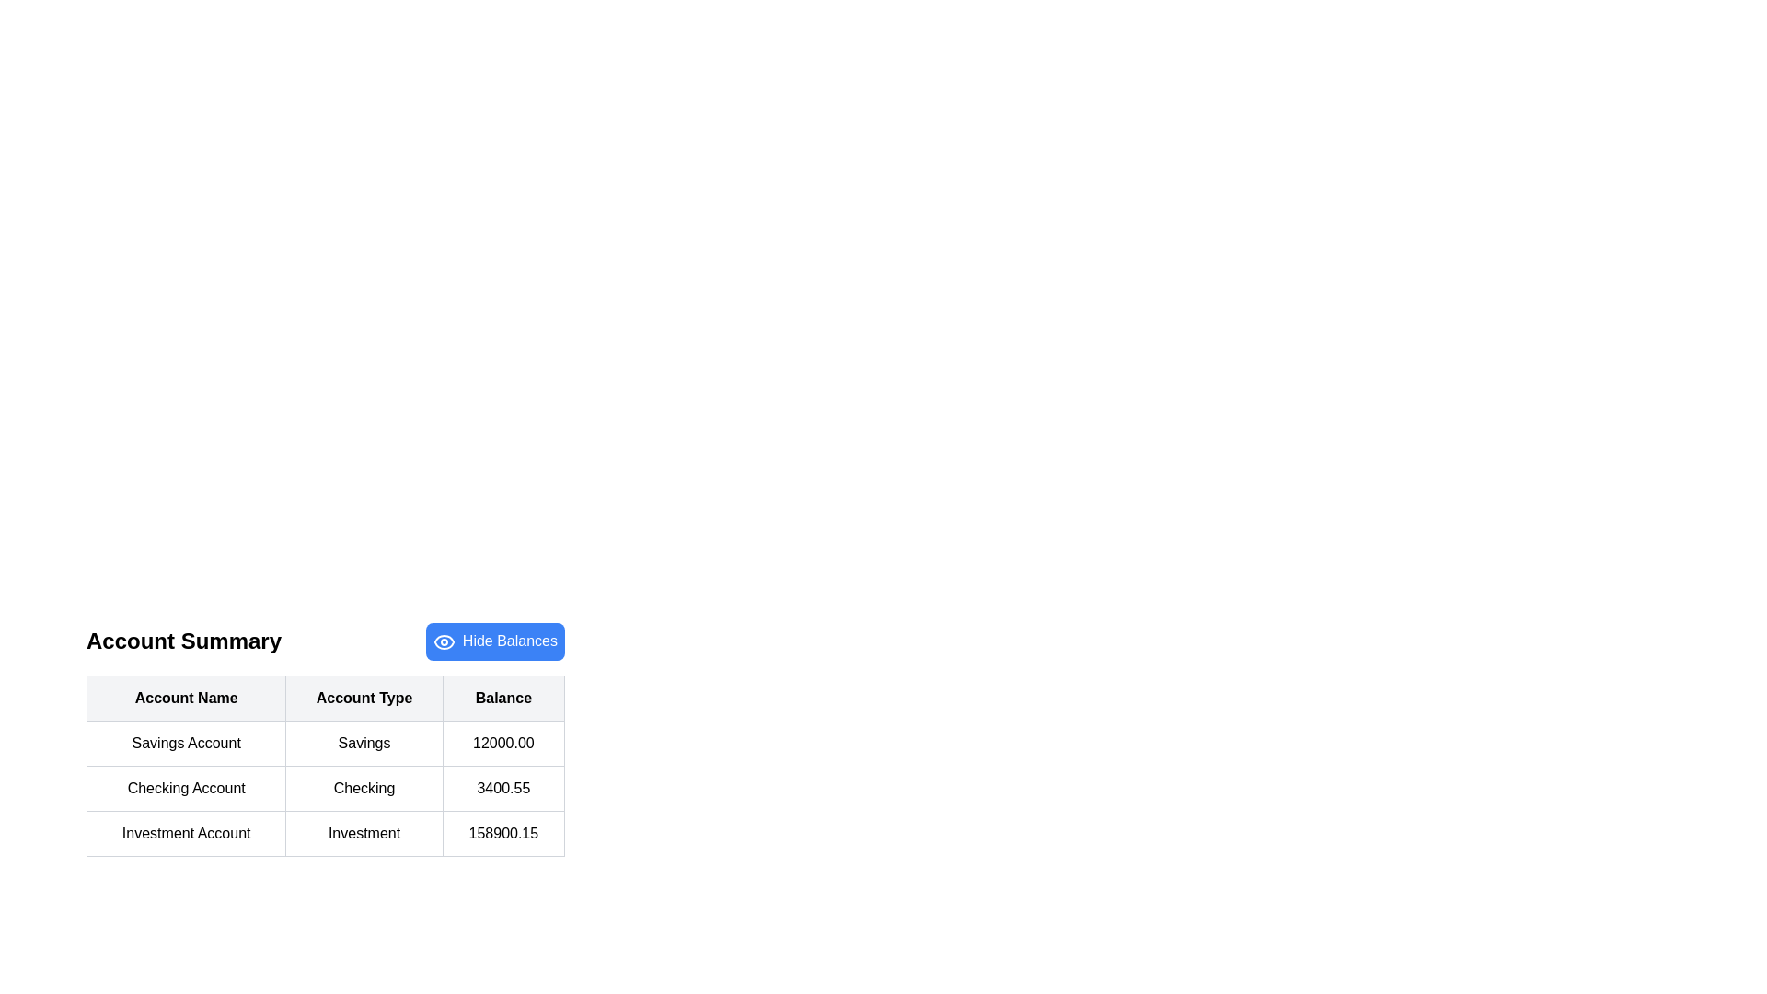  I want to click on the static text display representing the balance for the 'Checking Account' in the account summary table, located in the third column of the second row, so click(503, 787).